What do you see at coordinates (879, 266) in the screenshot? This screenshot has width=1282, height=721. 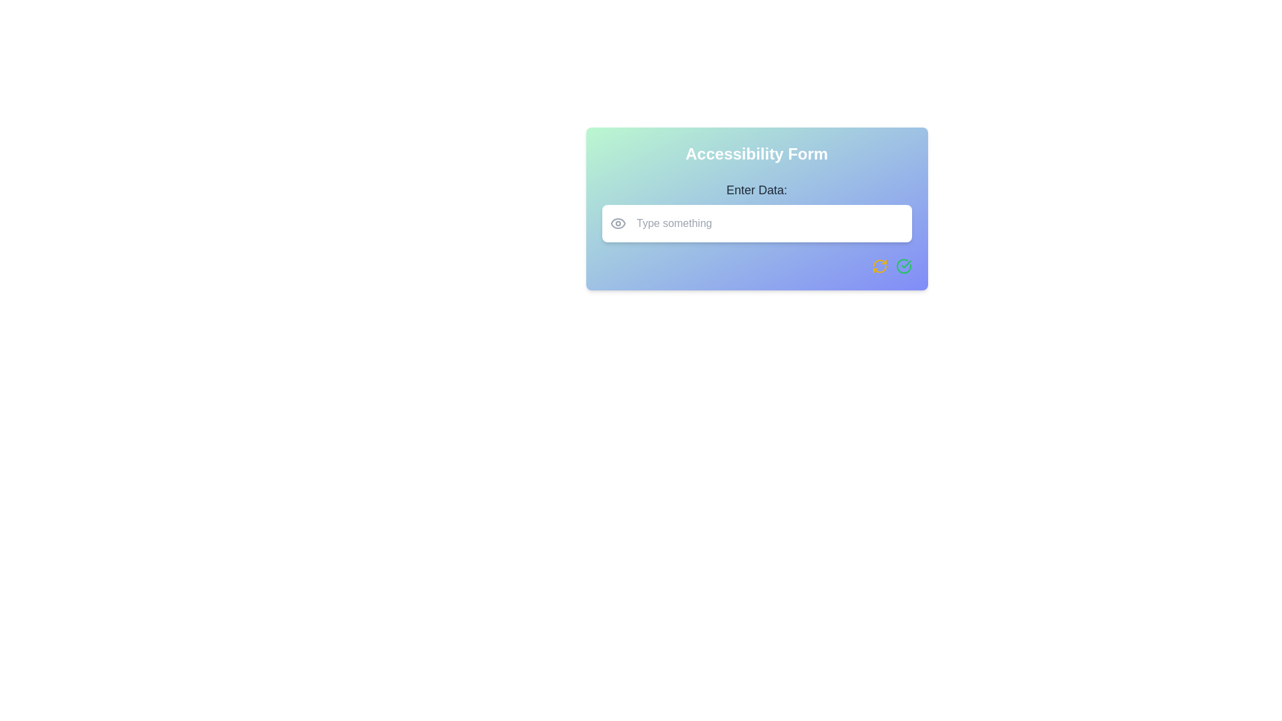 I see `the refresh icon located at the bottom-right corner of the form interface for additional tooltip or visual feedback` at bounding box center [879, 266].